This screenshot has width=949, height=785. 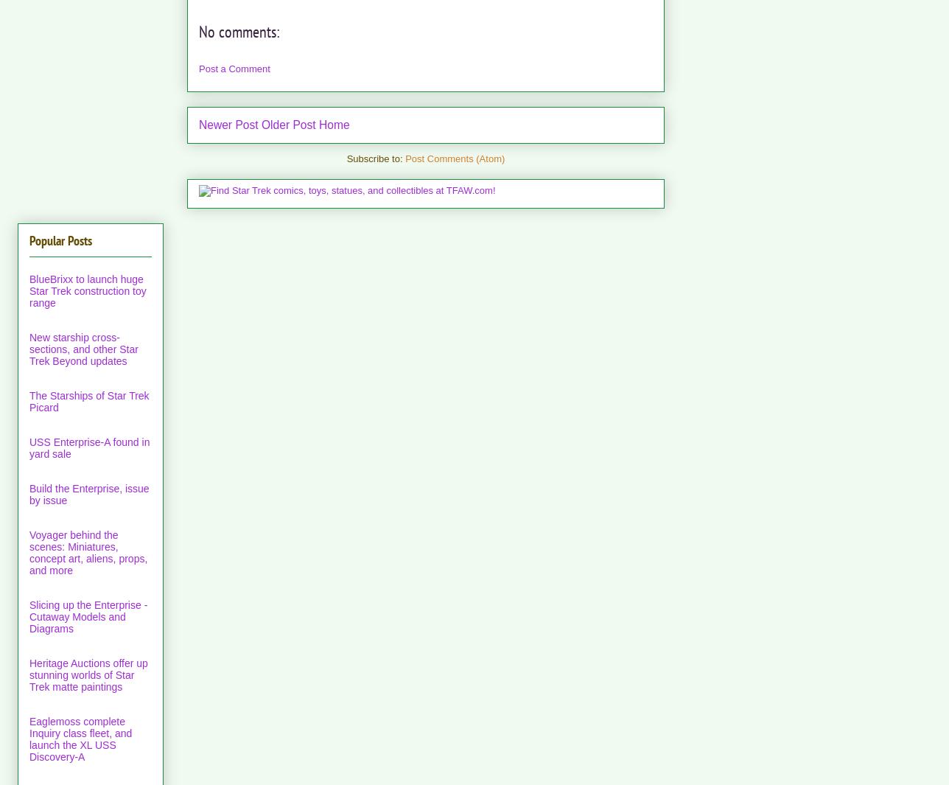 I want to click on 'Slicing up the Enterprise - Cutaway Models and Diagrams', so click(x=88, y=616).